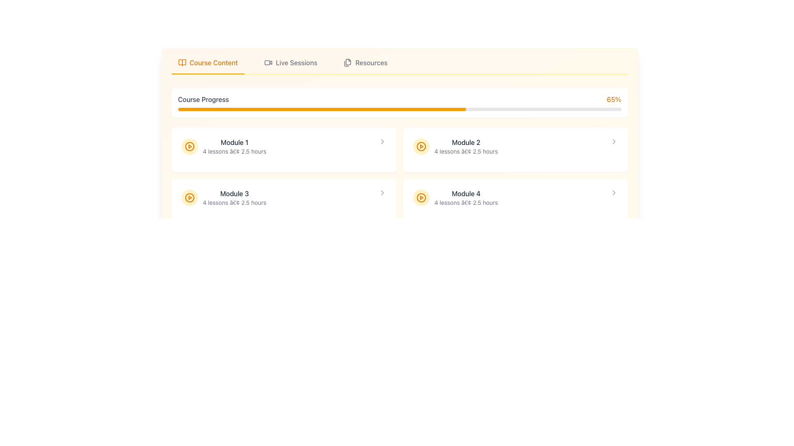  I want to click on the informational content group representing the course module located in the lower-right section of the grid layout, so click(455, 197).